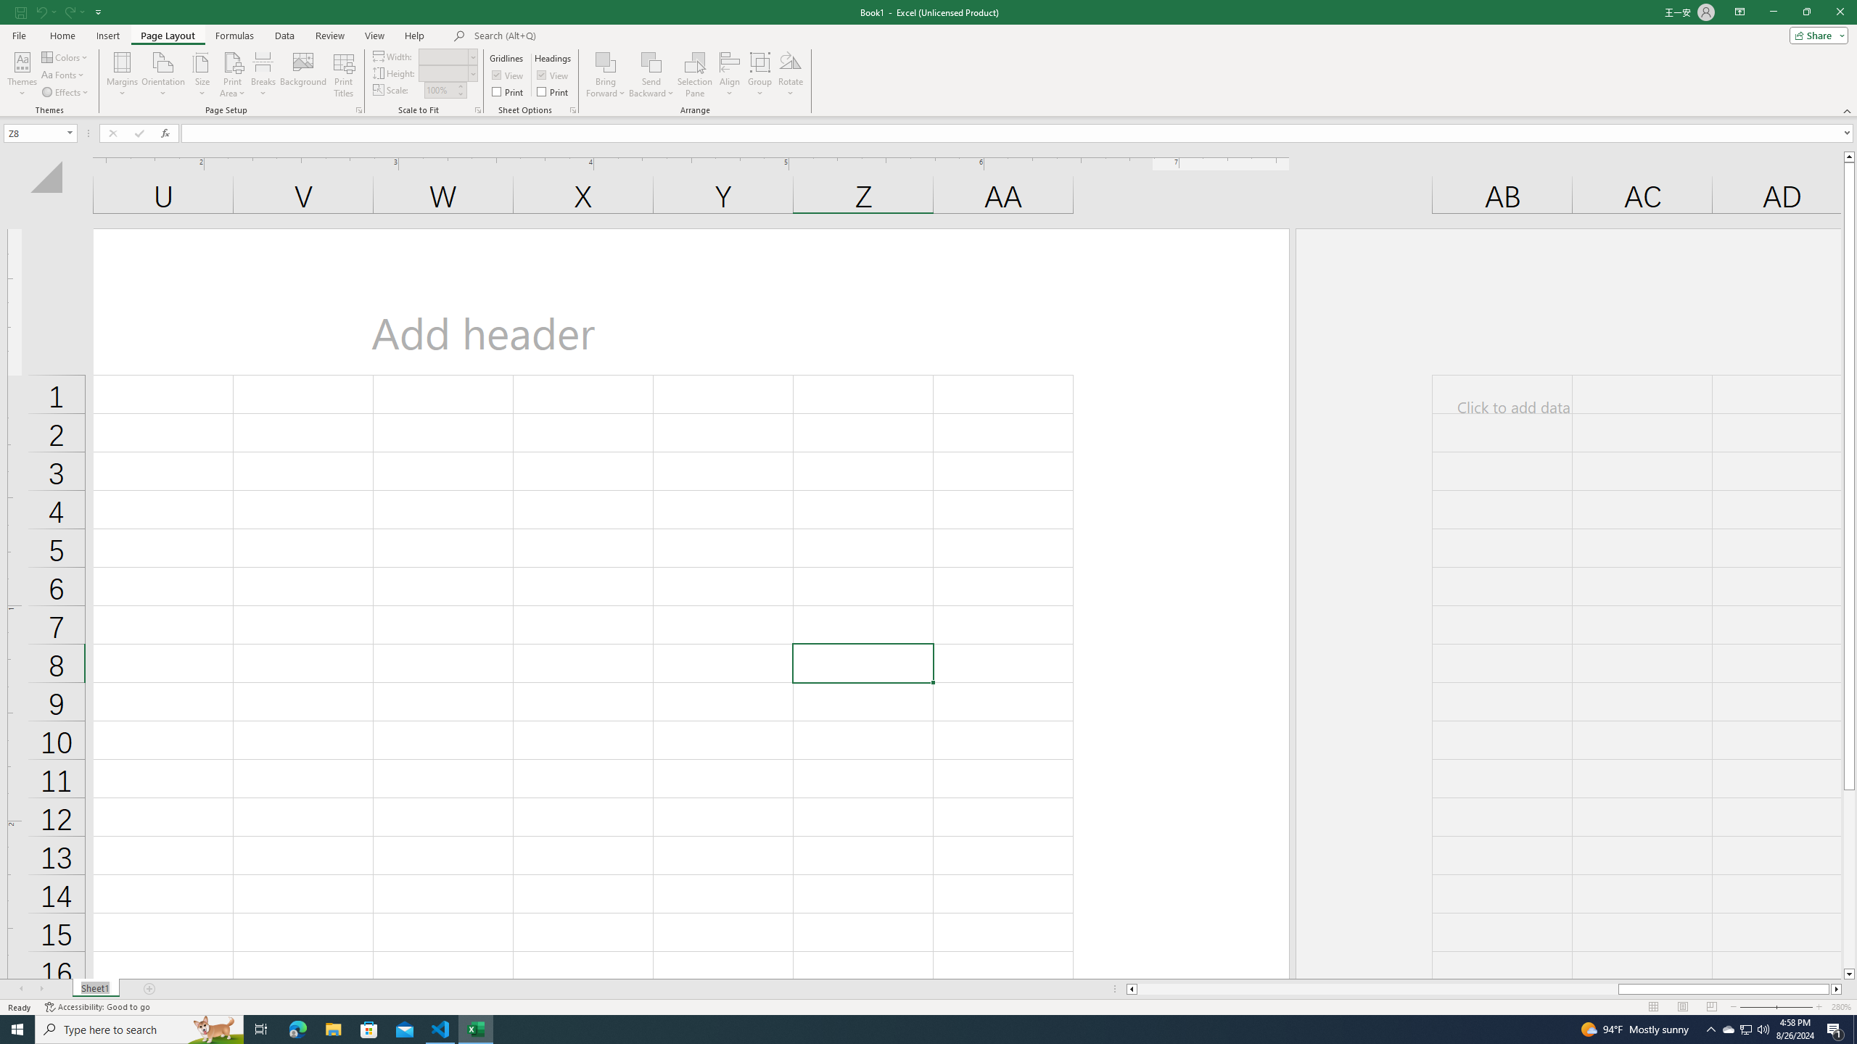 The image size is (1857, 1044). What do you see at coordinates (1130, 988) in the screenshot?
I see `'Column left'` at bounding box center [1130, 988].